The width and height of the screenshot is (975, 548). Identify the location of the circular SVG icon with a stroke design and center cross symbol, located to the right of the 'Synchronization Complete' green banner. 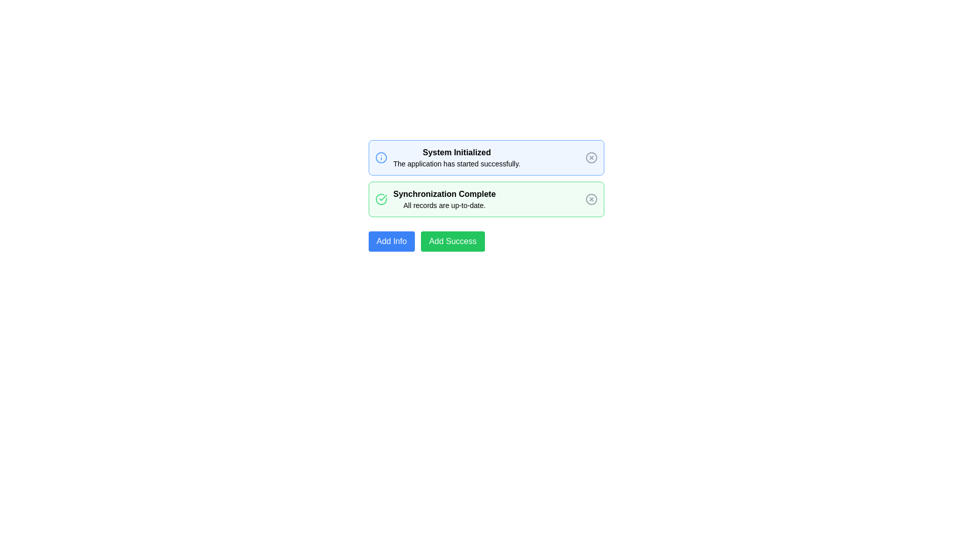
(591, 199).